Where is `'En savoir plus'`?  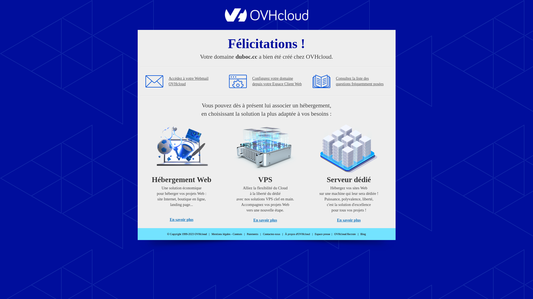
'En savoir plus' is located at coordinates (265, 220).